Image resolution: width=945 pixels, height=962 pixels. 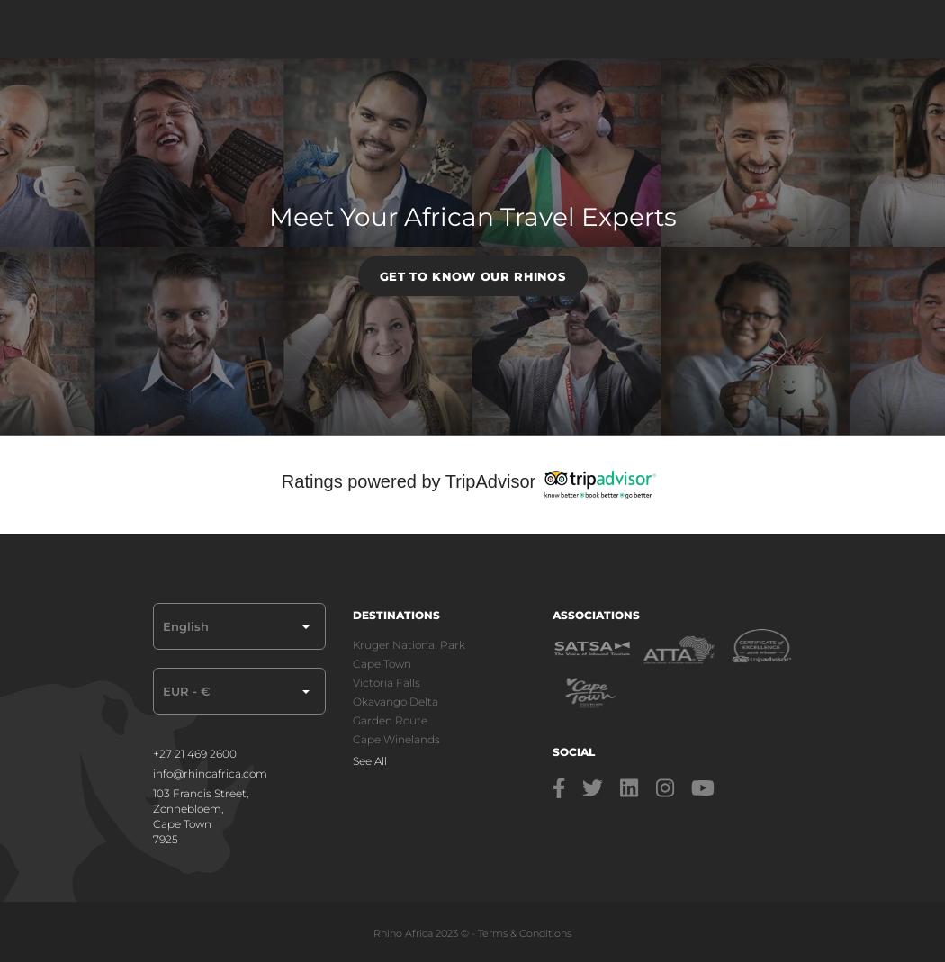 I want to click on 'Terms & Conditions', so click(x=523, y=931).